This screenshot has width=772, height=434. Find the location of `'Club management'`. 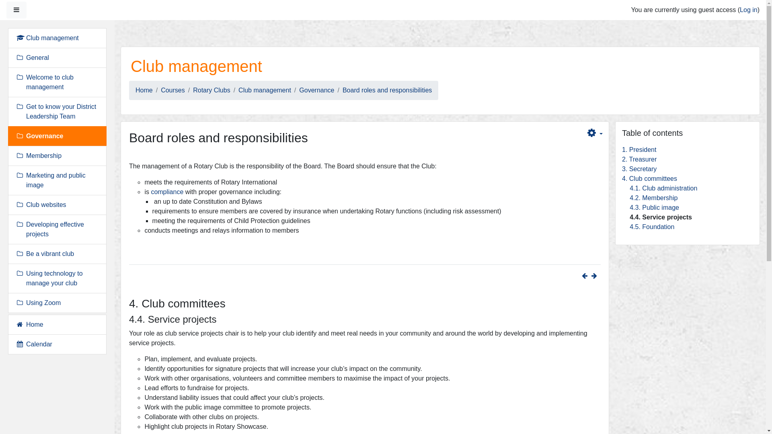

'Club management' is located at coordinates (57, 38).